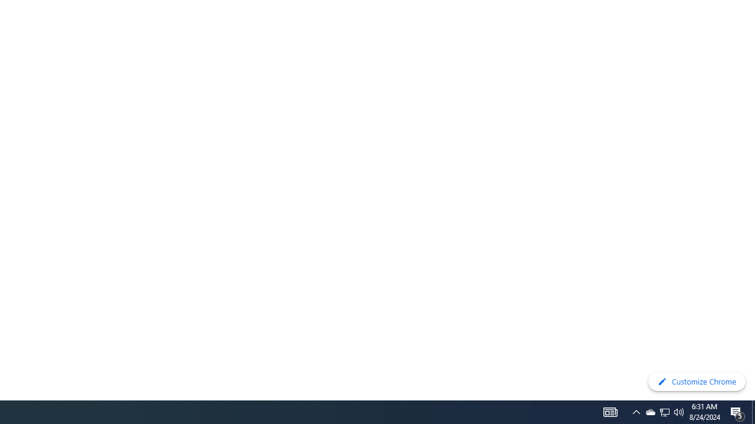 This screenshot has height=424, width=755. I want to click on 'Customize Chrome', so click(697, 382).